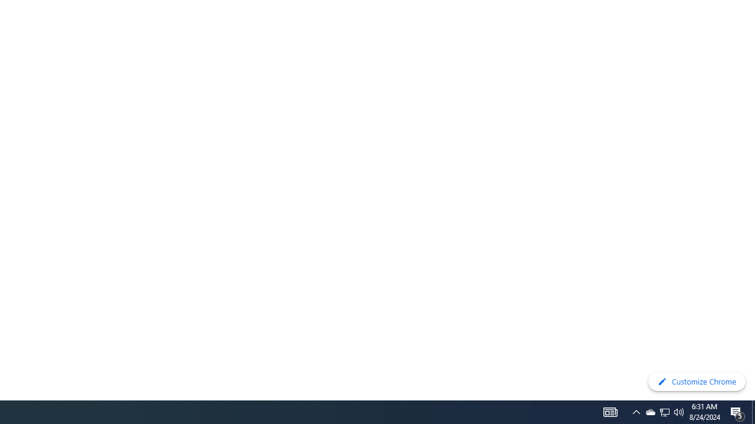 This screenshot has height=424, width=755. I want to click on 'Customize Chrome', so click(697, 382).